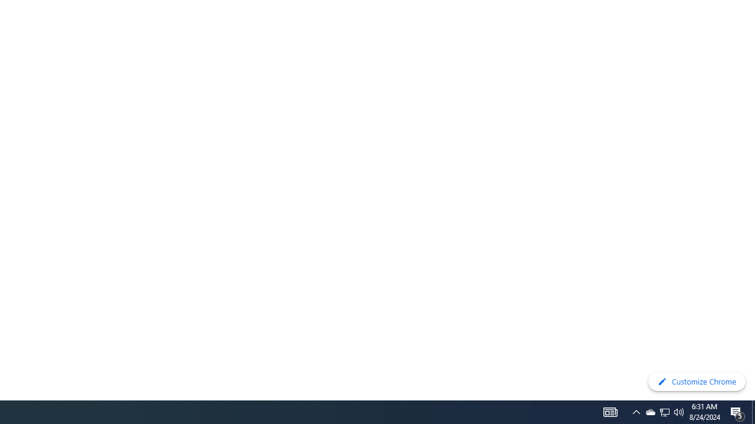 This screenshot has height=424, width=755. I want to click on 'Customize Chrome', so click(697, 382).